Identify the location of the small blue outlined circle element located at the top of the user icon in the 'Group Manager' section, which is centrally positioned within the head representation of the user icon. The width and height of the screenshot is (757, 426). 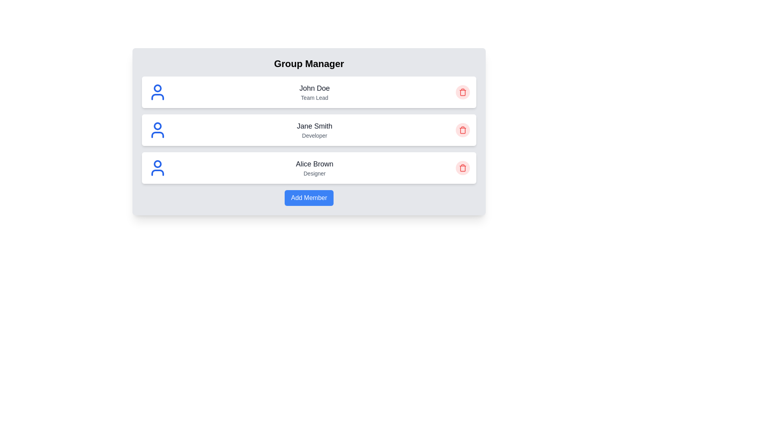
(157, 88).